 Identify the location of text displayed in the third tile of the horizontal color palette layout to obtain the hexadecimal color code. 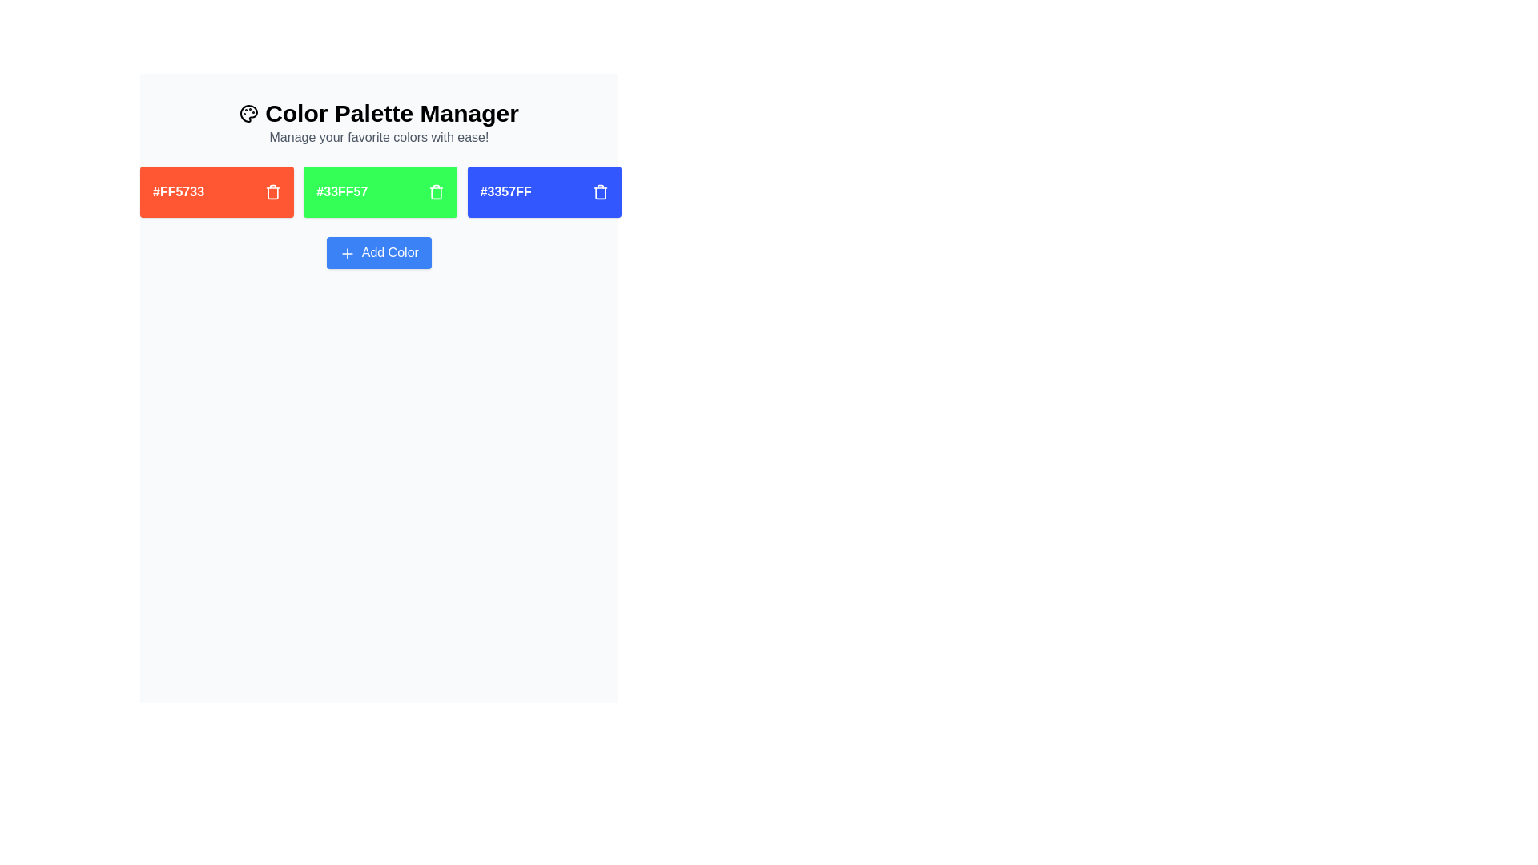
(505, 191).